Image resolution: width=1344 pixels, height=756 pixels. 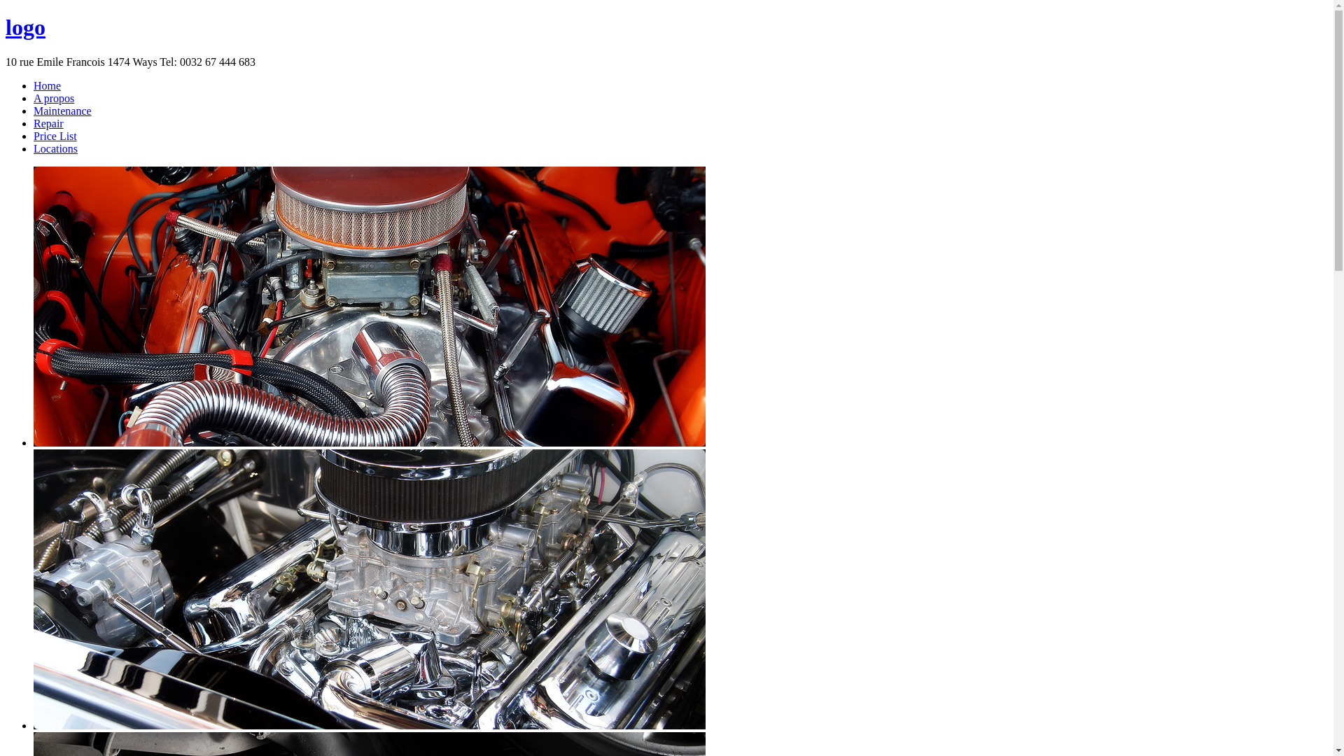 What do you see at coordinates (53, 97) in the screenshot?
I see `'A propos'` at bounding box center [53, 97].